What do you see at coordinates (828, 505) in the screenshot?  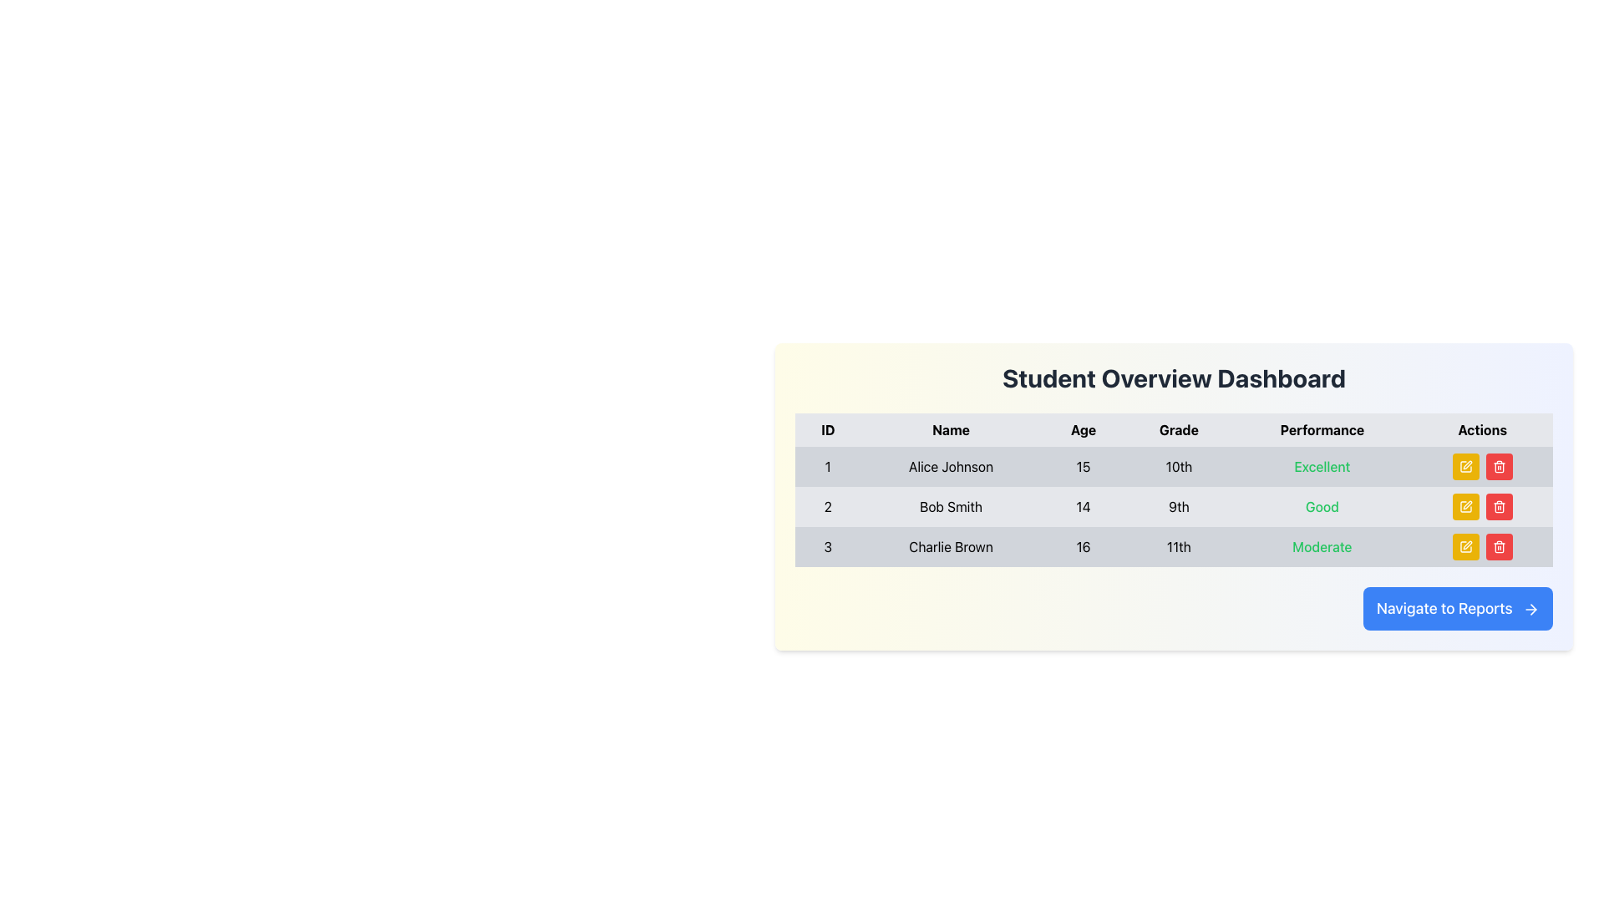 I see `the static text element indicating the ID number located on the second row of the table under the 'ID' column` at bounding box center [828, 505].